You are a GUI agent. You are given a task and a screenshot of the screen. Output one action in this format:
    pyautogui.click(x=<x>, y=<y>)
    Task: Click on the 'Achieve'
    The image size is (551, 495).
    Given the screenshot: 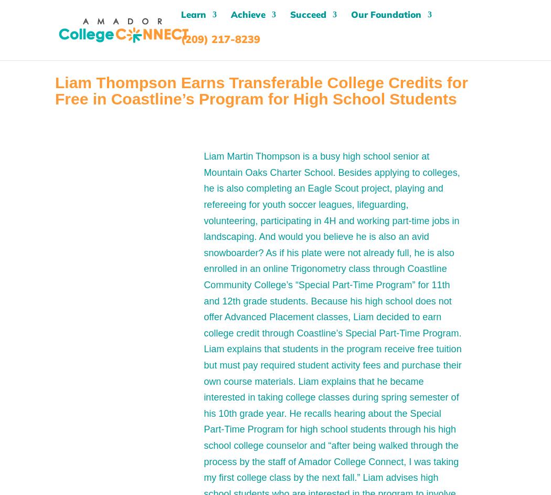 What is the action you would take?
    pyautogui.click(x=230, y=20)
    